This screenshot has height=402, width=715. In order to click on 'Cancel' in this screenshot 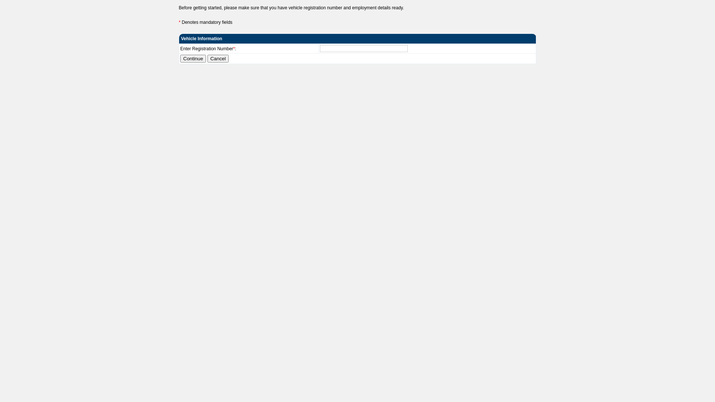, I will do `click(207, 58)`.